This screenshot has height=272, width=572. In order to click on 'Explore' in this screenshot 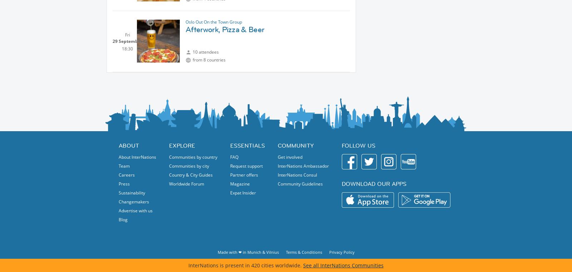, I will do `click(182, 145)`.